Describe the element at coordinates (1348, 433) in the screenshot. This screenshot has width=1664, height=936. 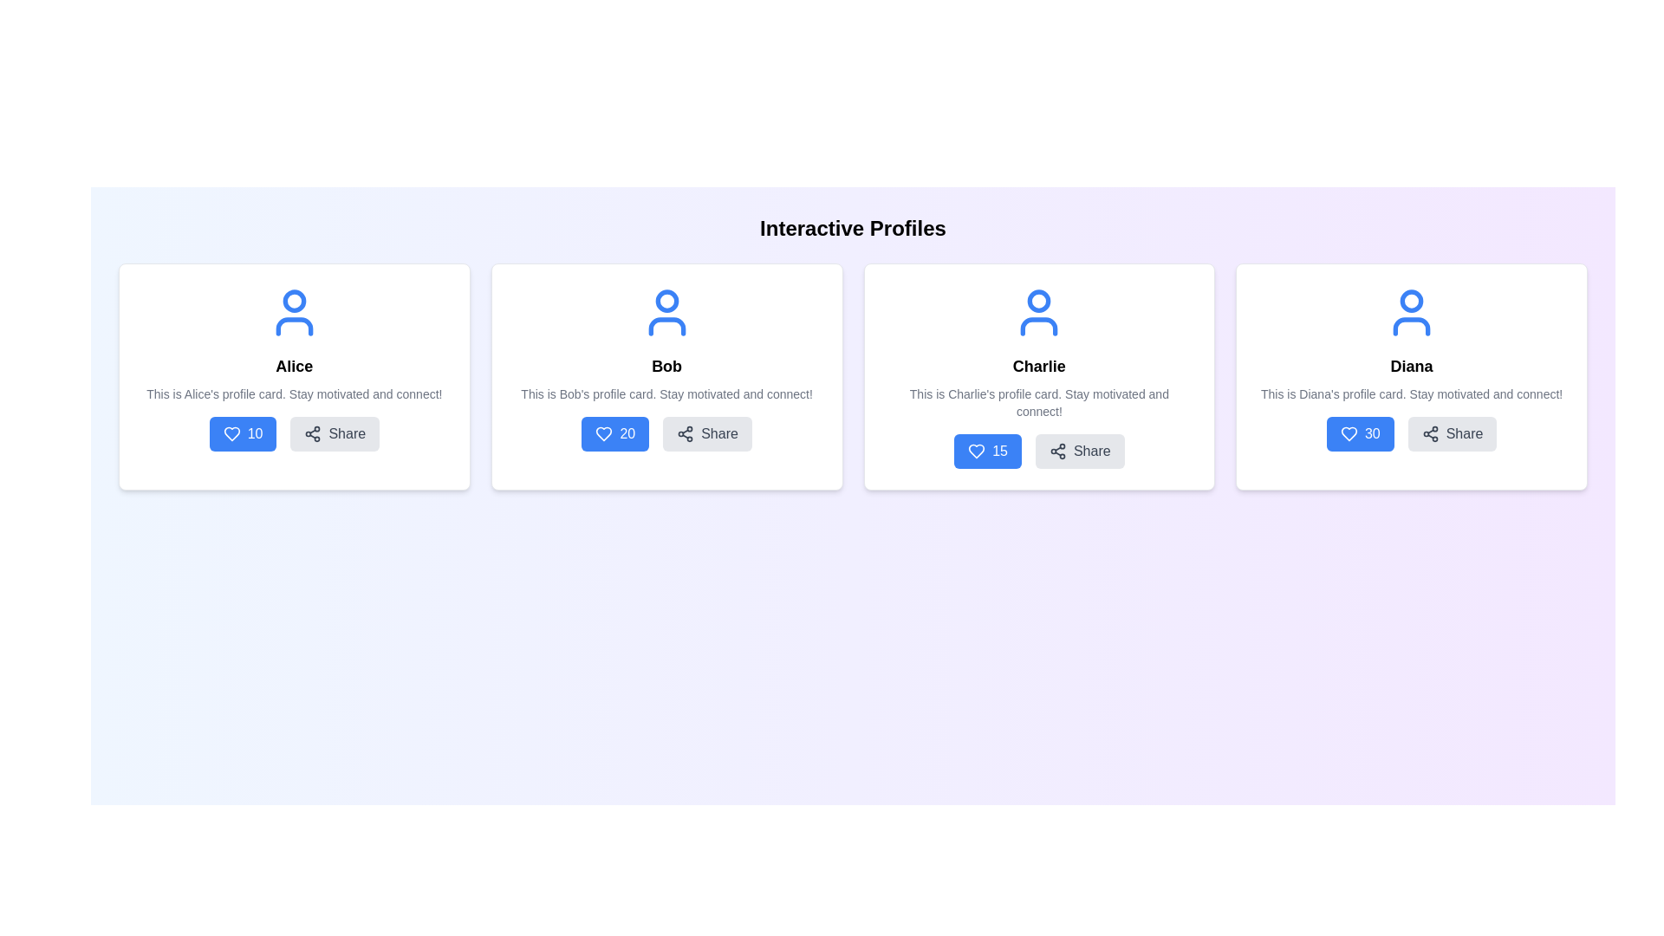
I see `the 'like' icon located on the left of the numeric value '30' in Diana's profile card, which is the fourth item in the horizontally arranged layout` at that location.